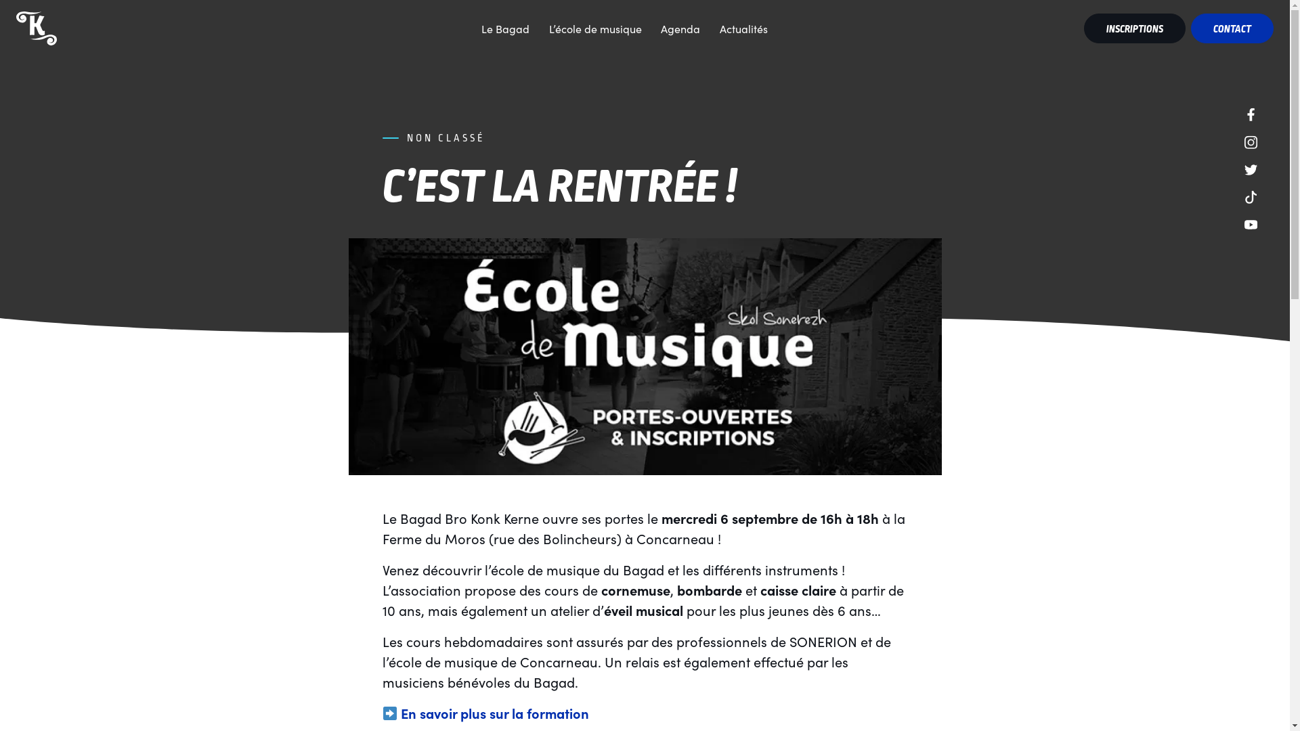 The height and width of the screenshot is (731, 1300). Describe the element at coordinates (1134, 28) in the screenshot. I see `'INSCRIPTIONS'` at that location.